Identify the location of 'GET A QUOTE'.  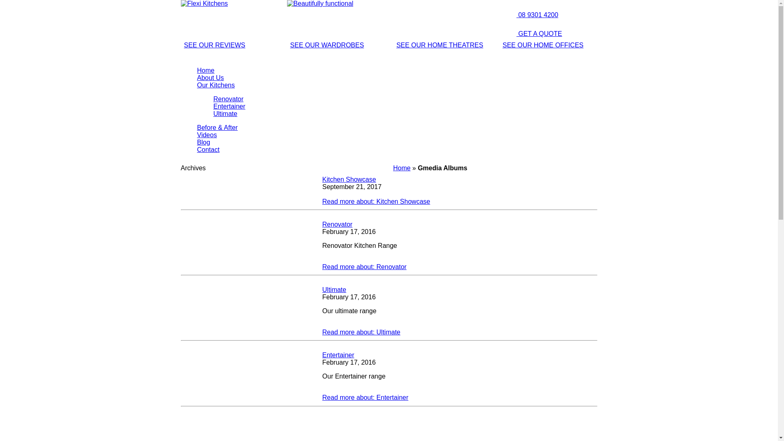
(531, 33).